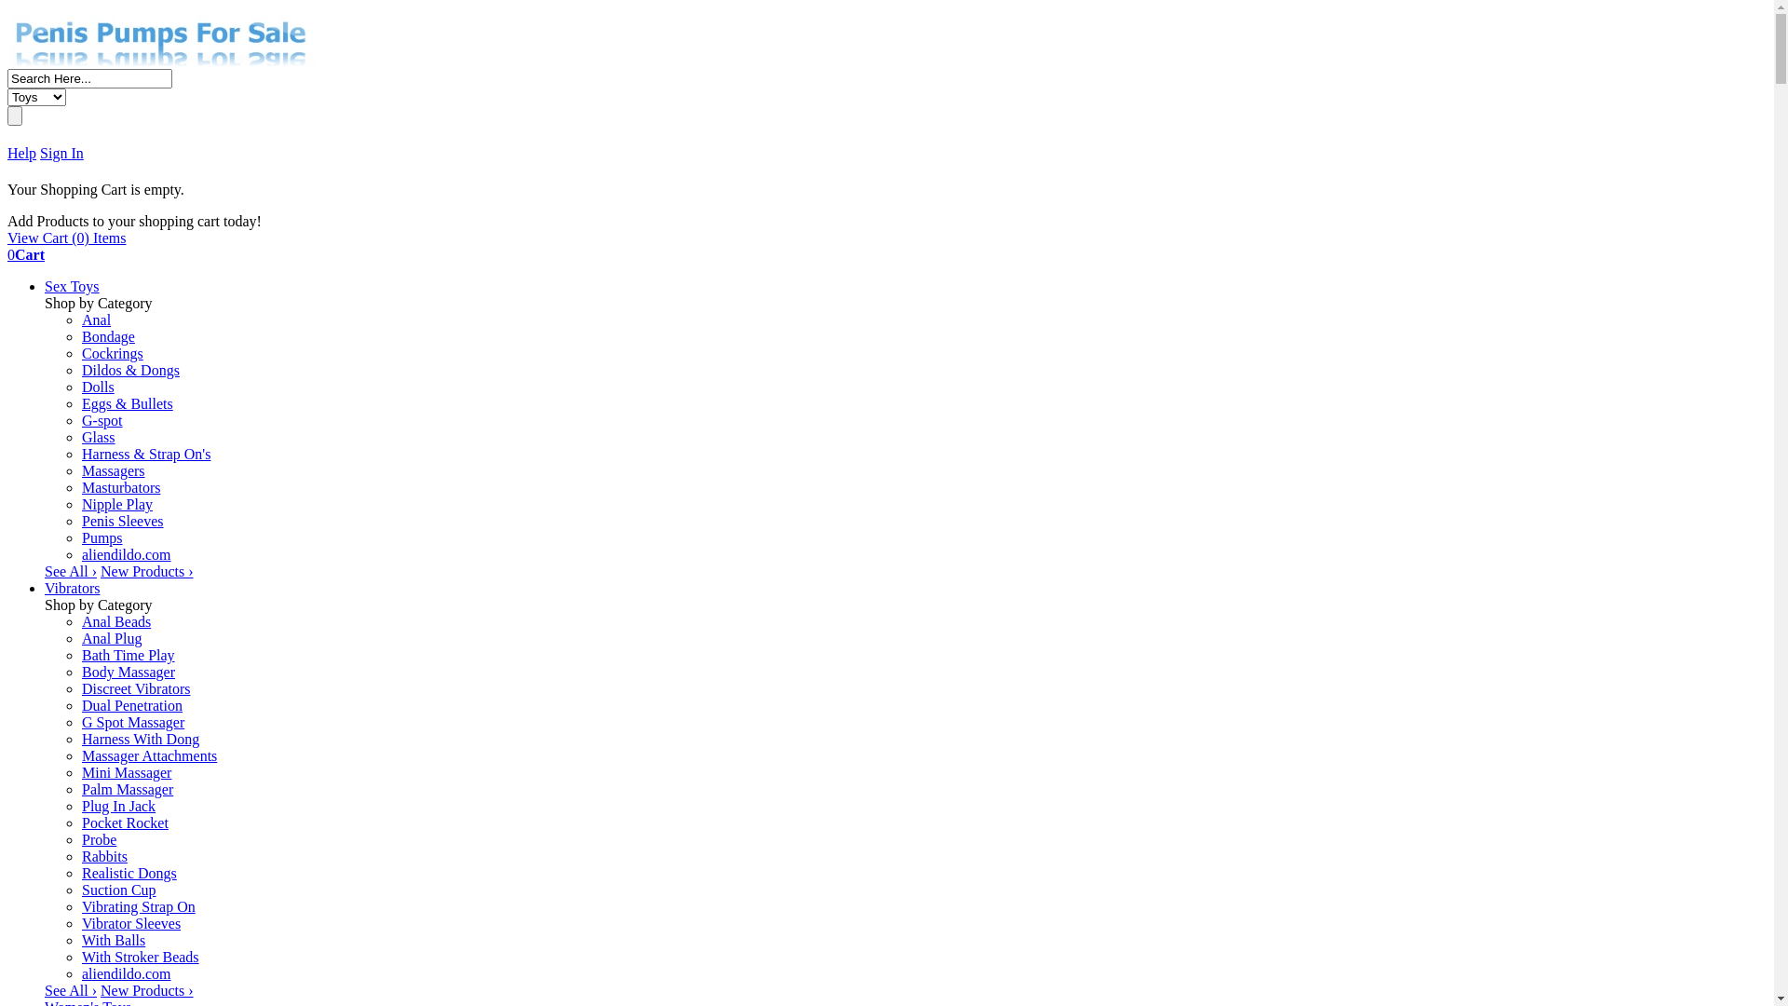  I want to click on 'Bath Time Play', so click(128, 654).